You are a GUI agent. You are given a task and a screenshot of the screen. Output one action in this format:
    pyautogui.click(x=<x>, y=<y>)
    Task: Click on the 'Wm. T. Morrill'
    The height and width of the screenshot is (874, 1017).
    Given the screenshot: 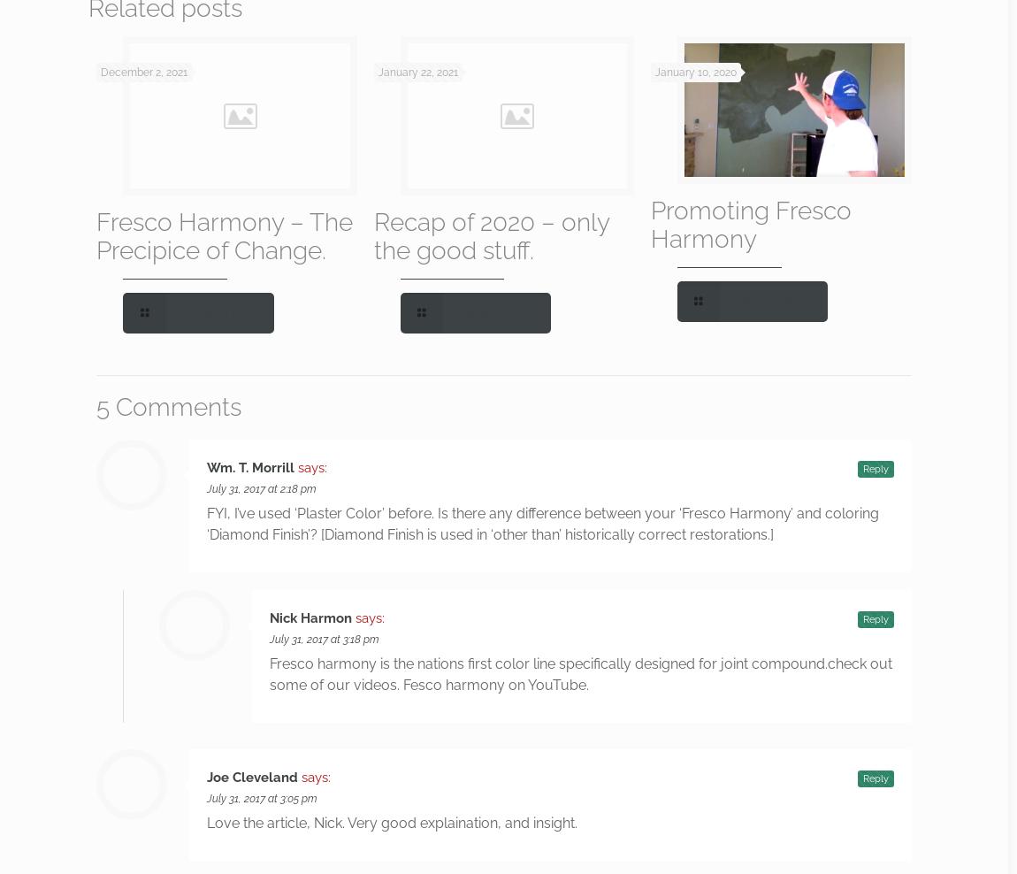 What is the action you would take?
    pyautogui.click(x=249, y=466)
    